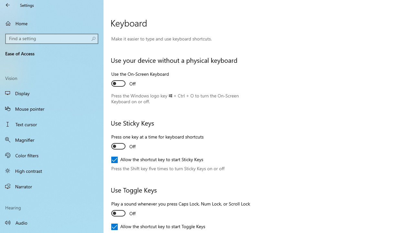  Describe the element at coordinates (140, 79) in the screenshot. I see `'Use the On-Screen Keyboard'` at that location.